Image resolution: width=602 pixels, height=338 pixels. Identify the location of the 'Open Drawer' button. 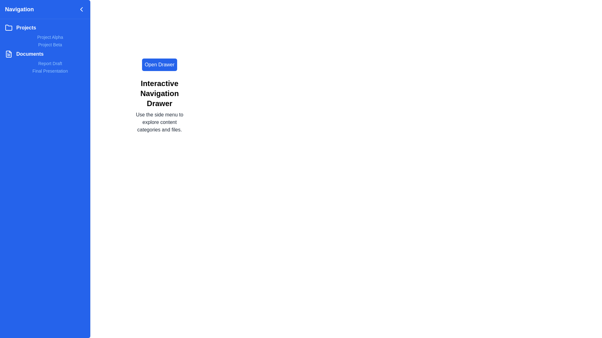
(159, 65).